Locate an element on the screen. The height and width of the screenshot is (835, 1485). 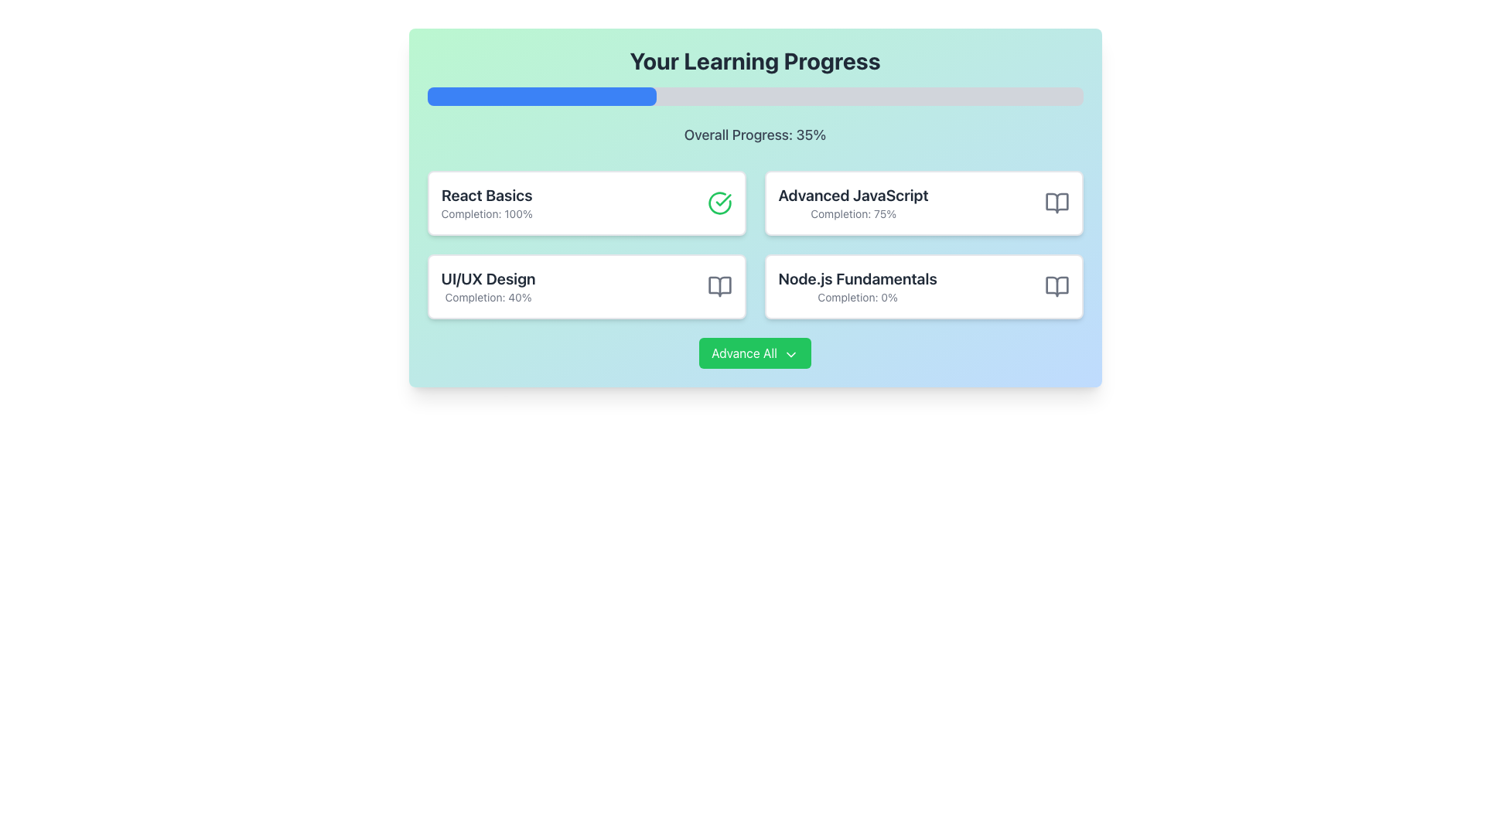
progress is located at coordinates (794, 96).